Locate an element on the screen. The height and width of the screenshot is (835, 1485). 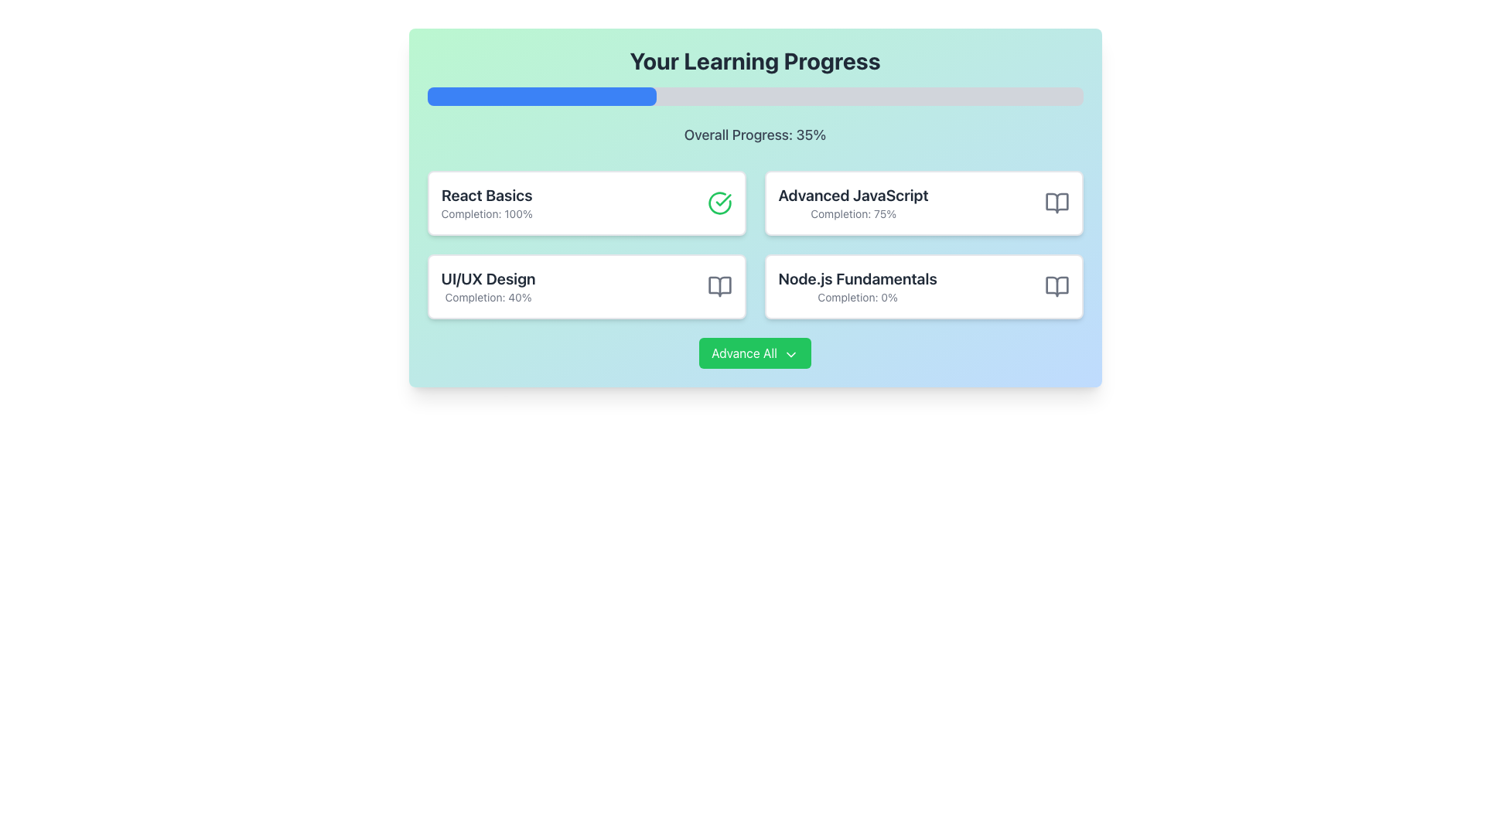
progress is located at coordinates (794, 96).